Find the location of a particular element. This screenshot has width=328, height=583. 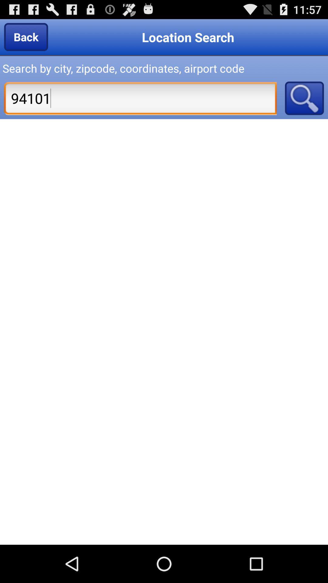

icon next to the location search is located at coordinates (26, 36).